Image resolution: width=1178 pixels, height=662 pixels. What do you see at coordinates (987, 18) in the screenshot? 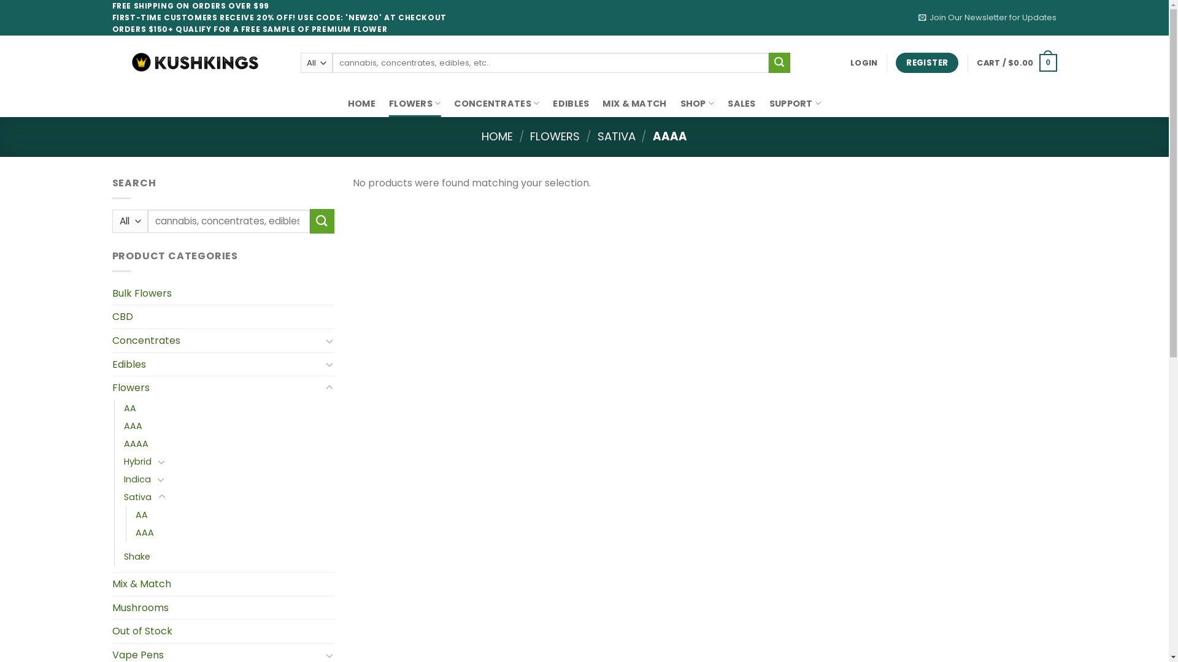
I see `'Join Our Newsletter for Updates'` at bounding box center [987, 18].